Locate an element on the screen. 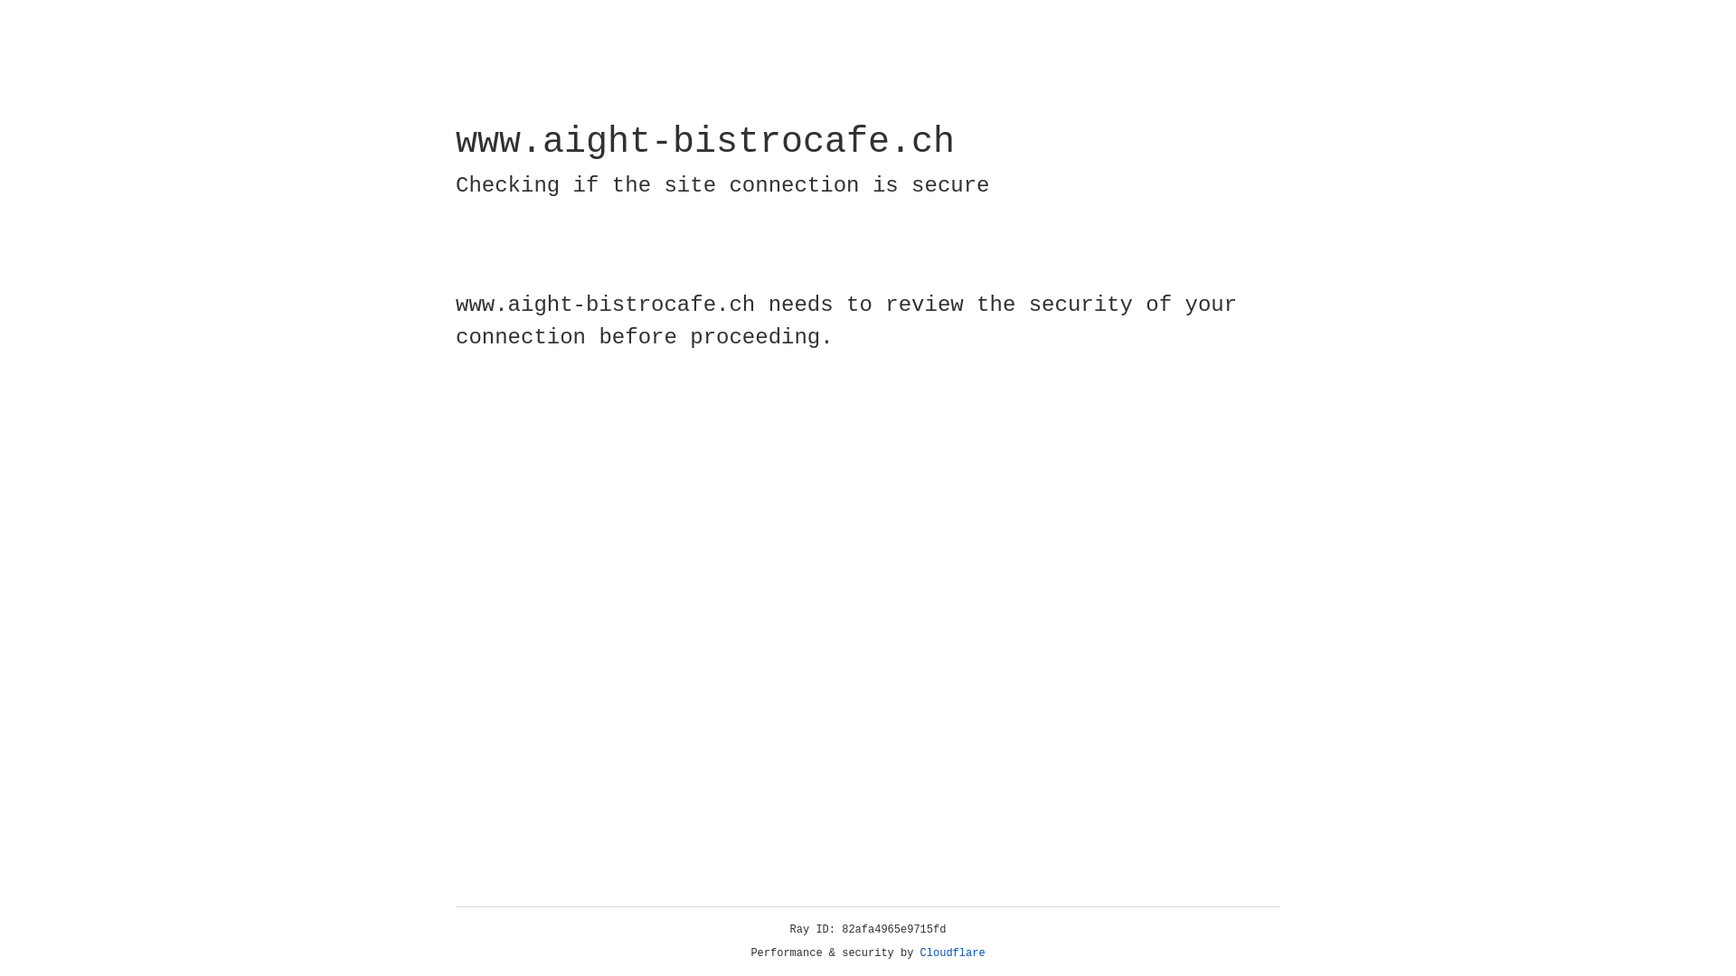 The image size is (1736, 976). 'Cloudflare' is located at coordinates (952, 953).